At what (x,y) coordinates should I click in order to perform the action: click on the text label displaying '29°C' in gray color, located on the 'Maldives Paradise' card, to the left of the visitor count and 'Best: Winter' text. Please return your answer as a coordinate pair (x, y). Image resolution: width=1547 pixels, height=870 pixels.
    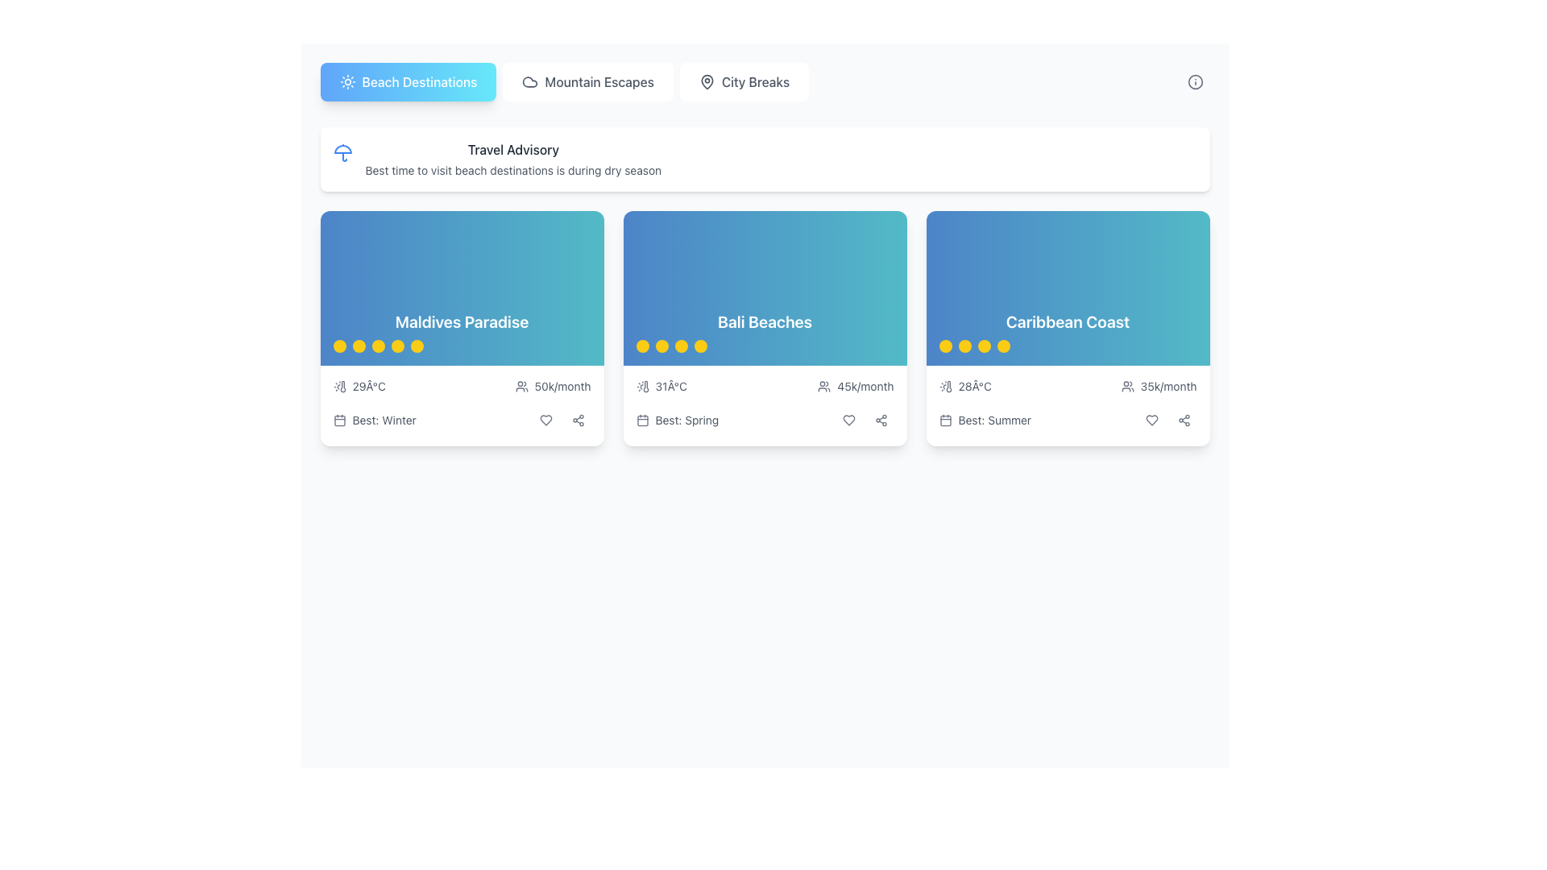
    Looking at the image, I should click on (368, 386).